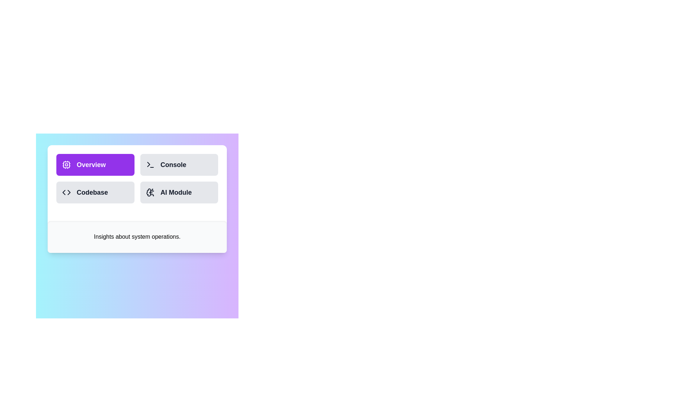  Describe the element at coordinates (95, 164) in the screenshot. I see `the menu option labeled 'Overview' to view its content` at that location.